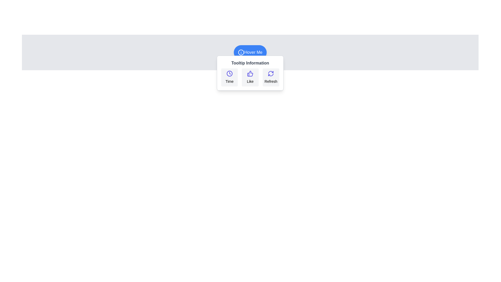 The height and width of the screenshot is (282, 501). I want to click on the 'Like' endorsement action element, which is the second segment in the grid labeled 'Tooltip Information', so click(250, 77).